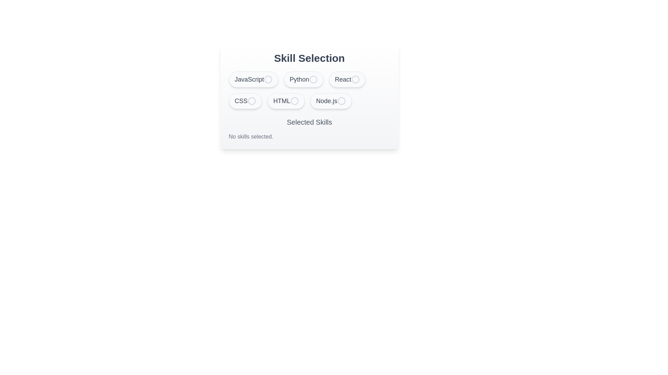 The image size is (668, 375). What do you see at coordinates (251, 101) in the screenshot?
I see `the state of the SVG-based circular indicator located near the 'CSS' label in the second row of the 'Skill Selection' section` at bounding box center [251, 101].